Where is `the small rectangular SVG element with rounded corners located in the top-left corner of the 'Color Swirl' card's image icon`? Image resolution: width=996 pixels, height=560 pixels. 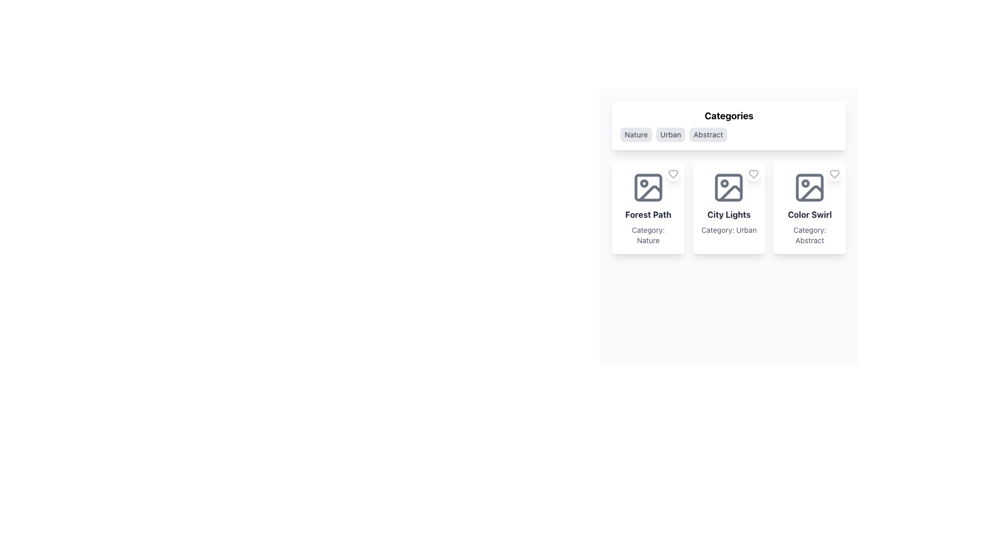
the small rectangular SVG element with rounded corners located in the top-left corner of the 'Color Swirl' card's image icon is located at coordinates (809, 188).